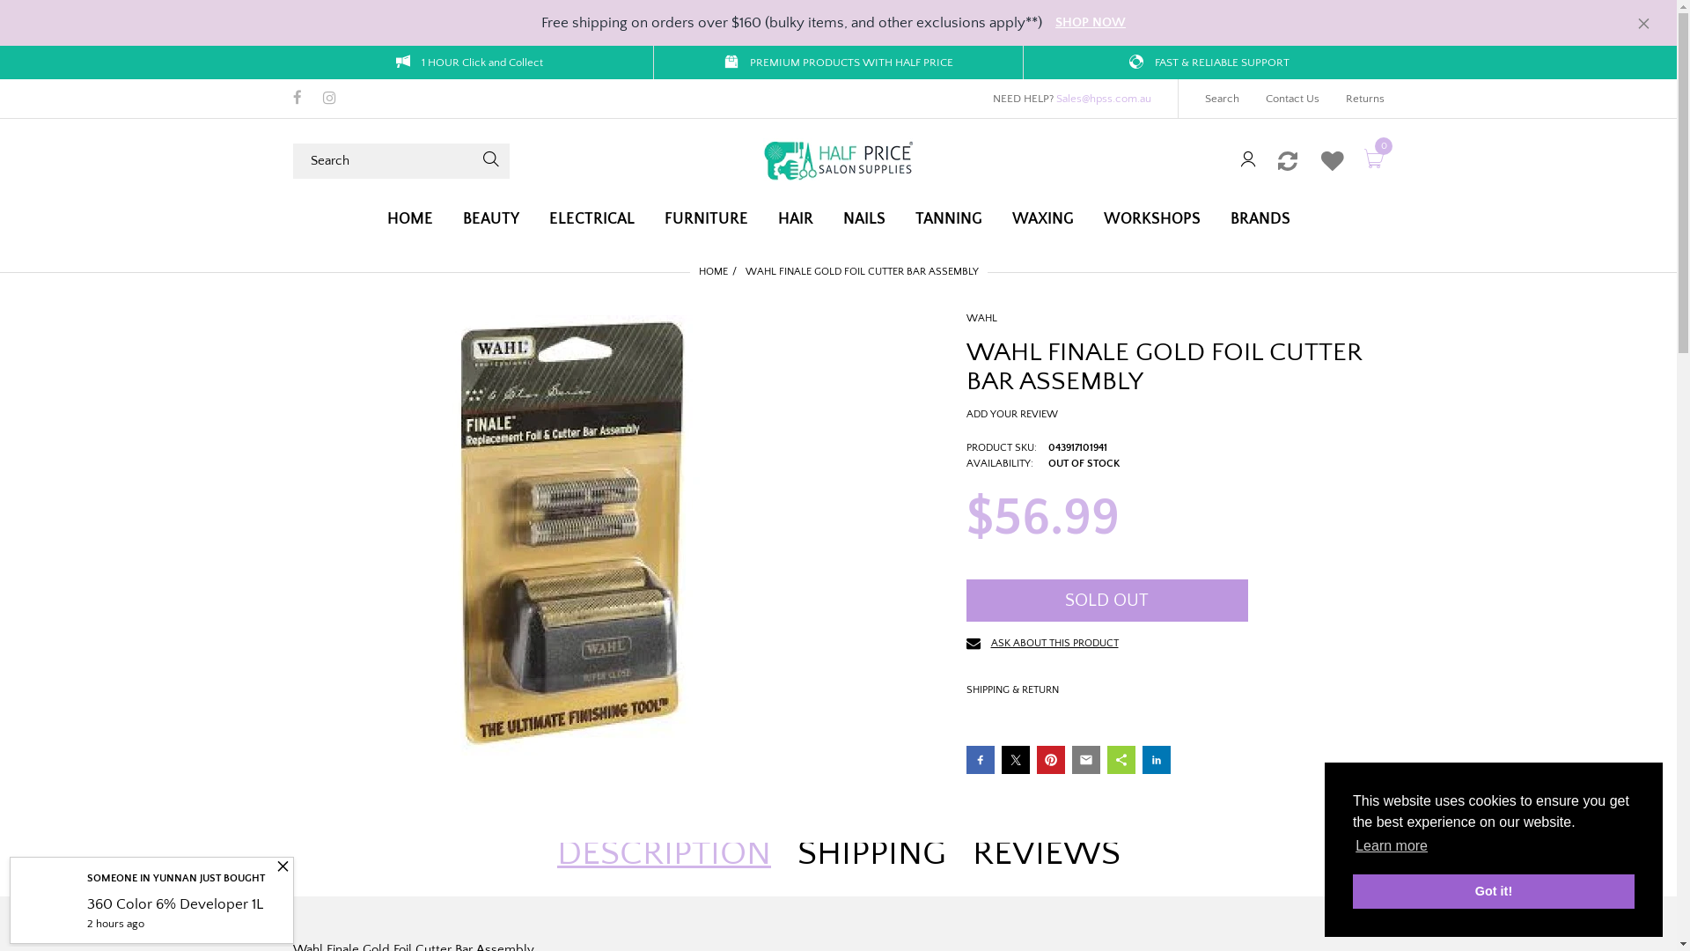  I want to click on 'BEAUTY', so click(463, 218).